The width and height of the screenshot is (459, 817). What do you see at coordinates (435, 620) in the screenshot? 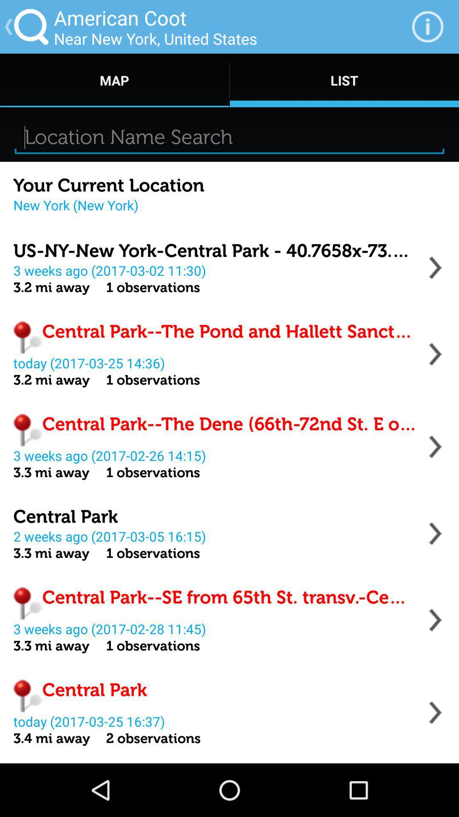
I see `expand address` at bounding box center [435, 620].